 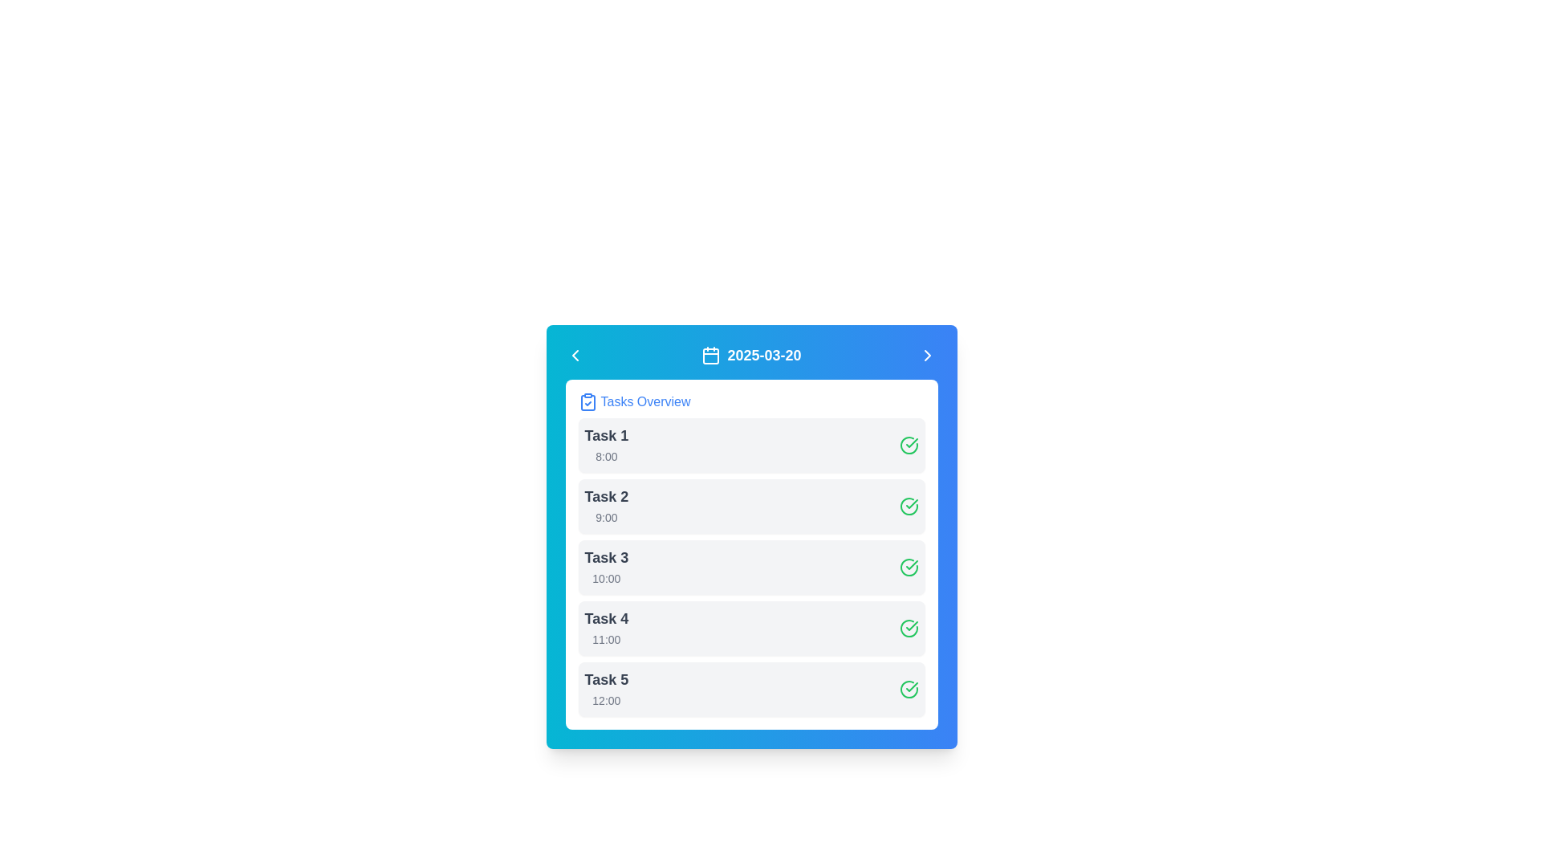 I want to click on the text label displaying '9:00' in light gray color within the 'Task 2' section of the scheduling interface, so click(x=605, y=517).